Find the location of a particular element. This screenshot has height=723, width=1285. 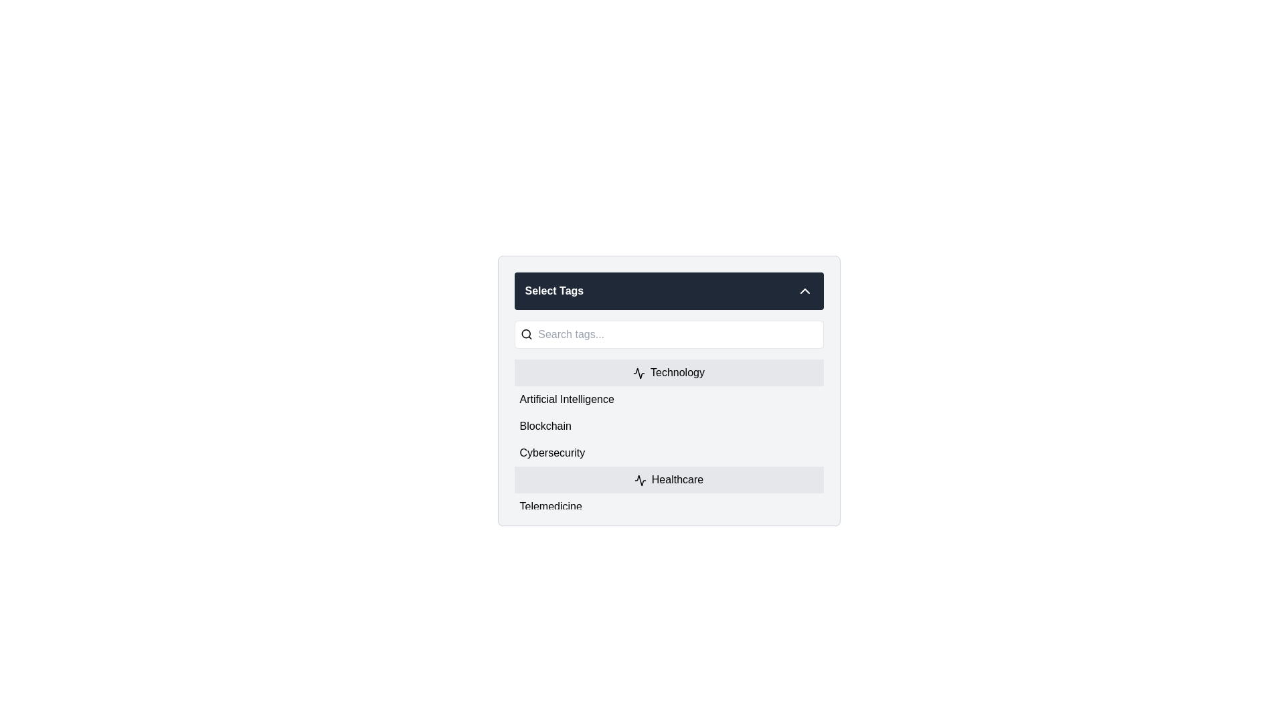

the 'Artificial Intelligence' label is located at coordinates (567, 399).